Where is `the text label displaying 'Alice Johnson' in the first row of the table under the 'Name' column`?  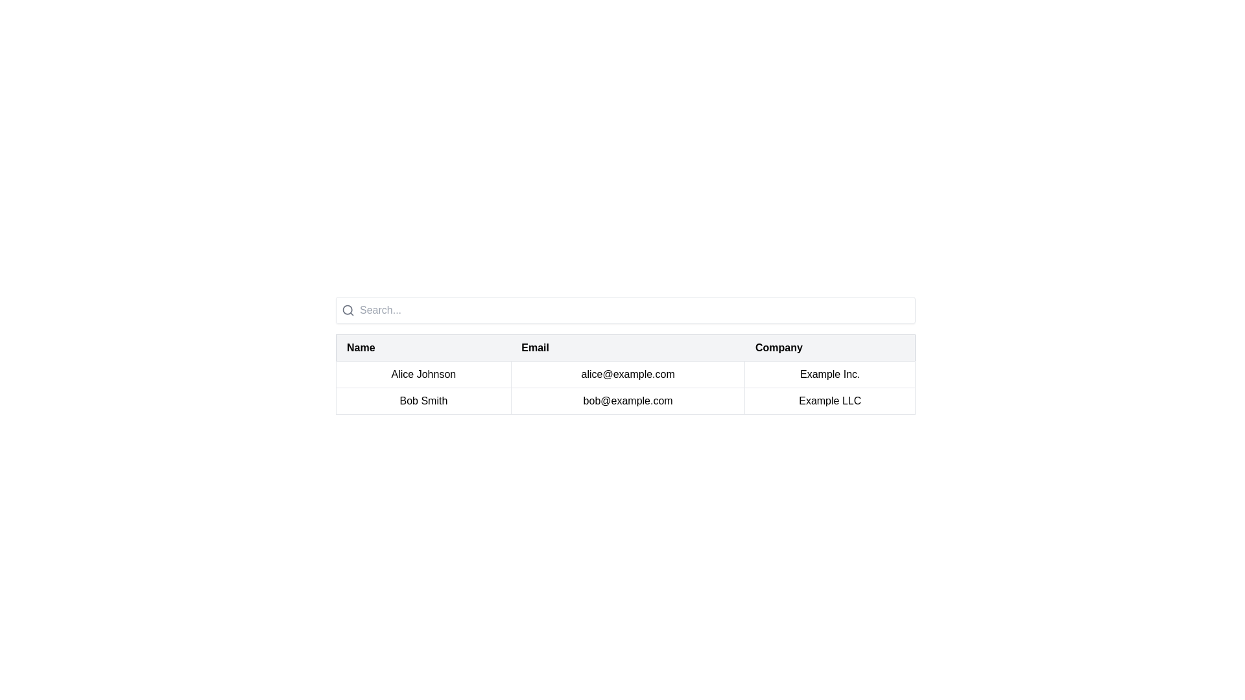
the text label displaying 'Alice Johnson' in the first row of the table under the 'Name' column is located at coordinates (423, 375).